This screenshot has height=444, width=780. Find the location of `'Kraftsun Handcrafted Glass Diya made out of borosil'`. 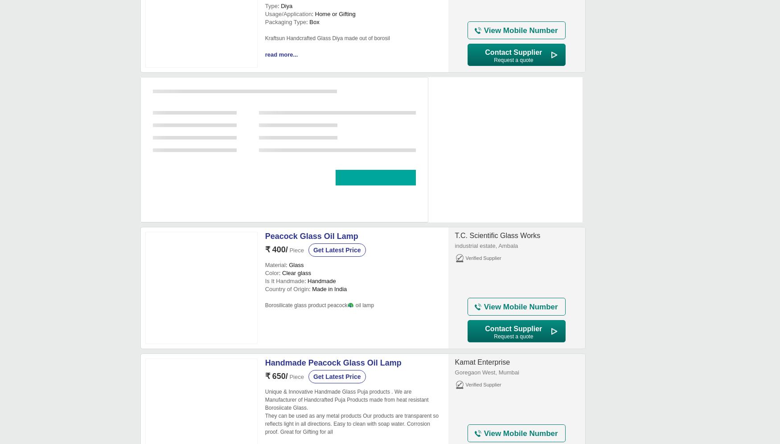

'Kraftsun Handcrafted Glass Diya made out of borosil' is located at coordinates (264, 38).